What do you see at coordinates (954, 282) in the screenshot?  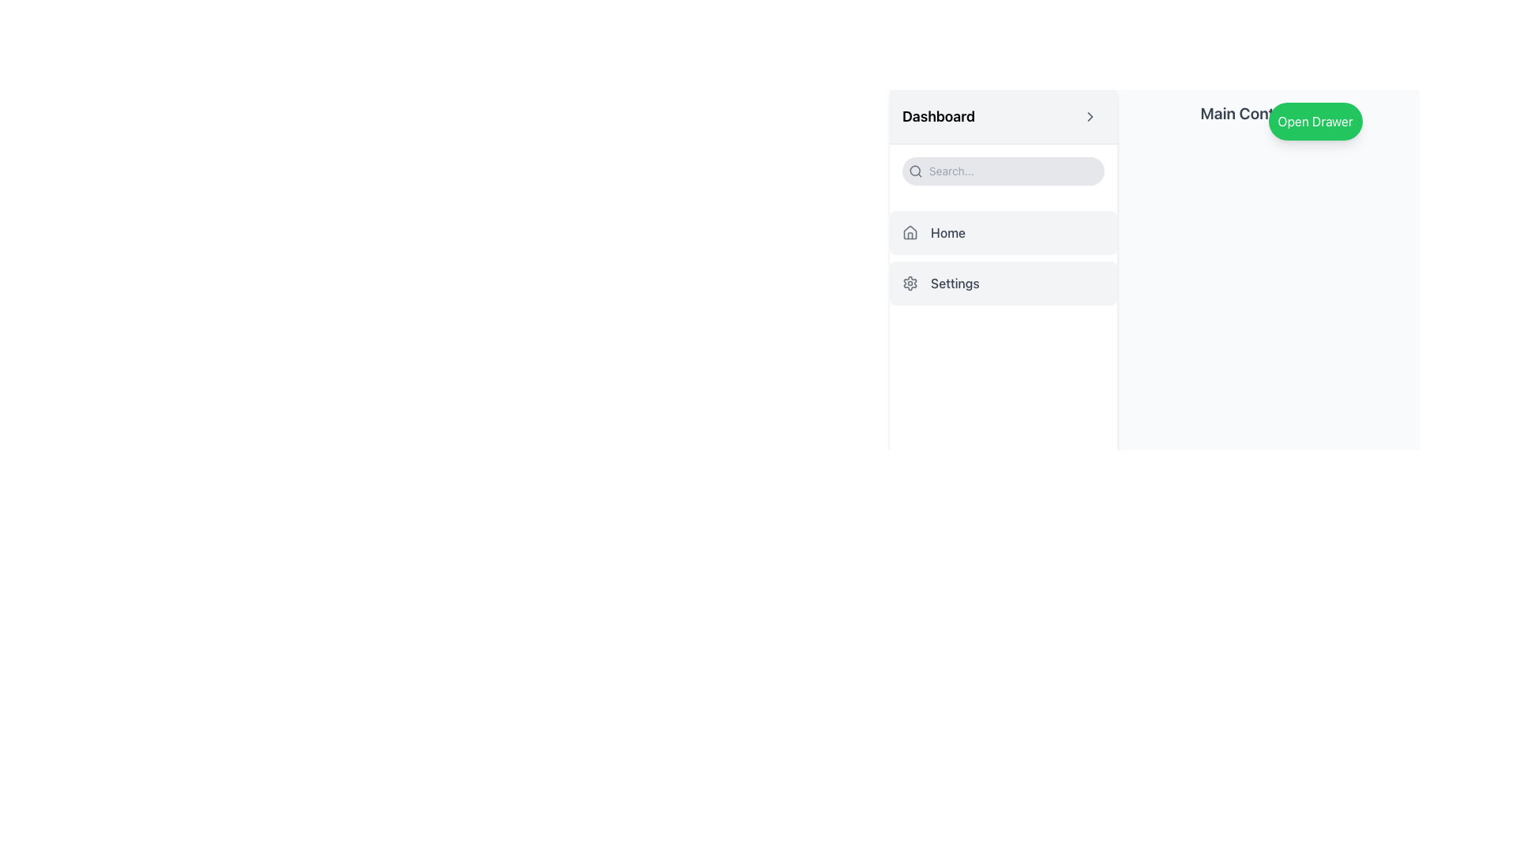 I see `the 'Settings' text label in the sidebar navigation` at bounding box center [954, 282].